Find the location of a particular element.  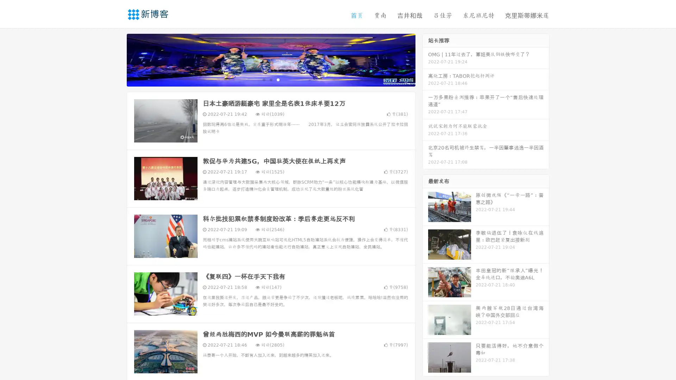

Previous slide is located at coordinates (116, 59).